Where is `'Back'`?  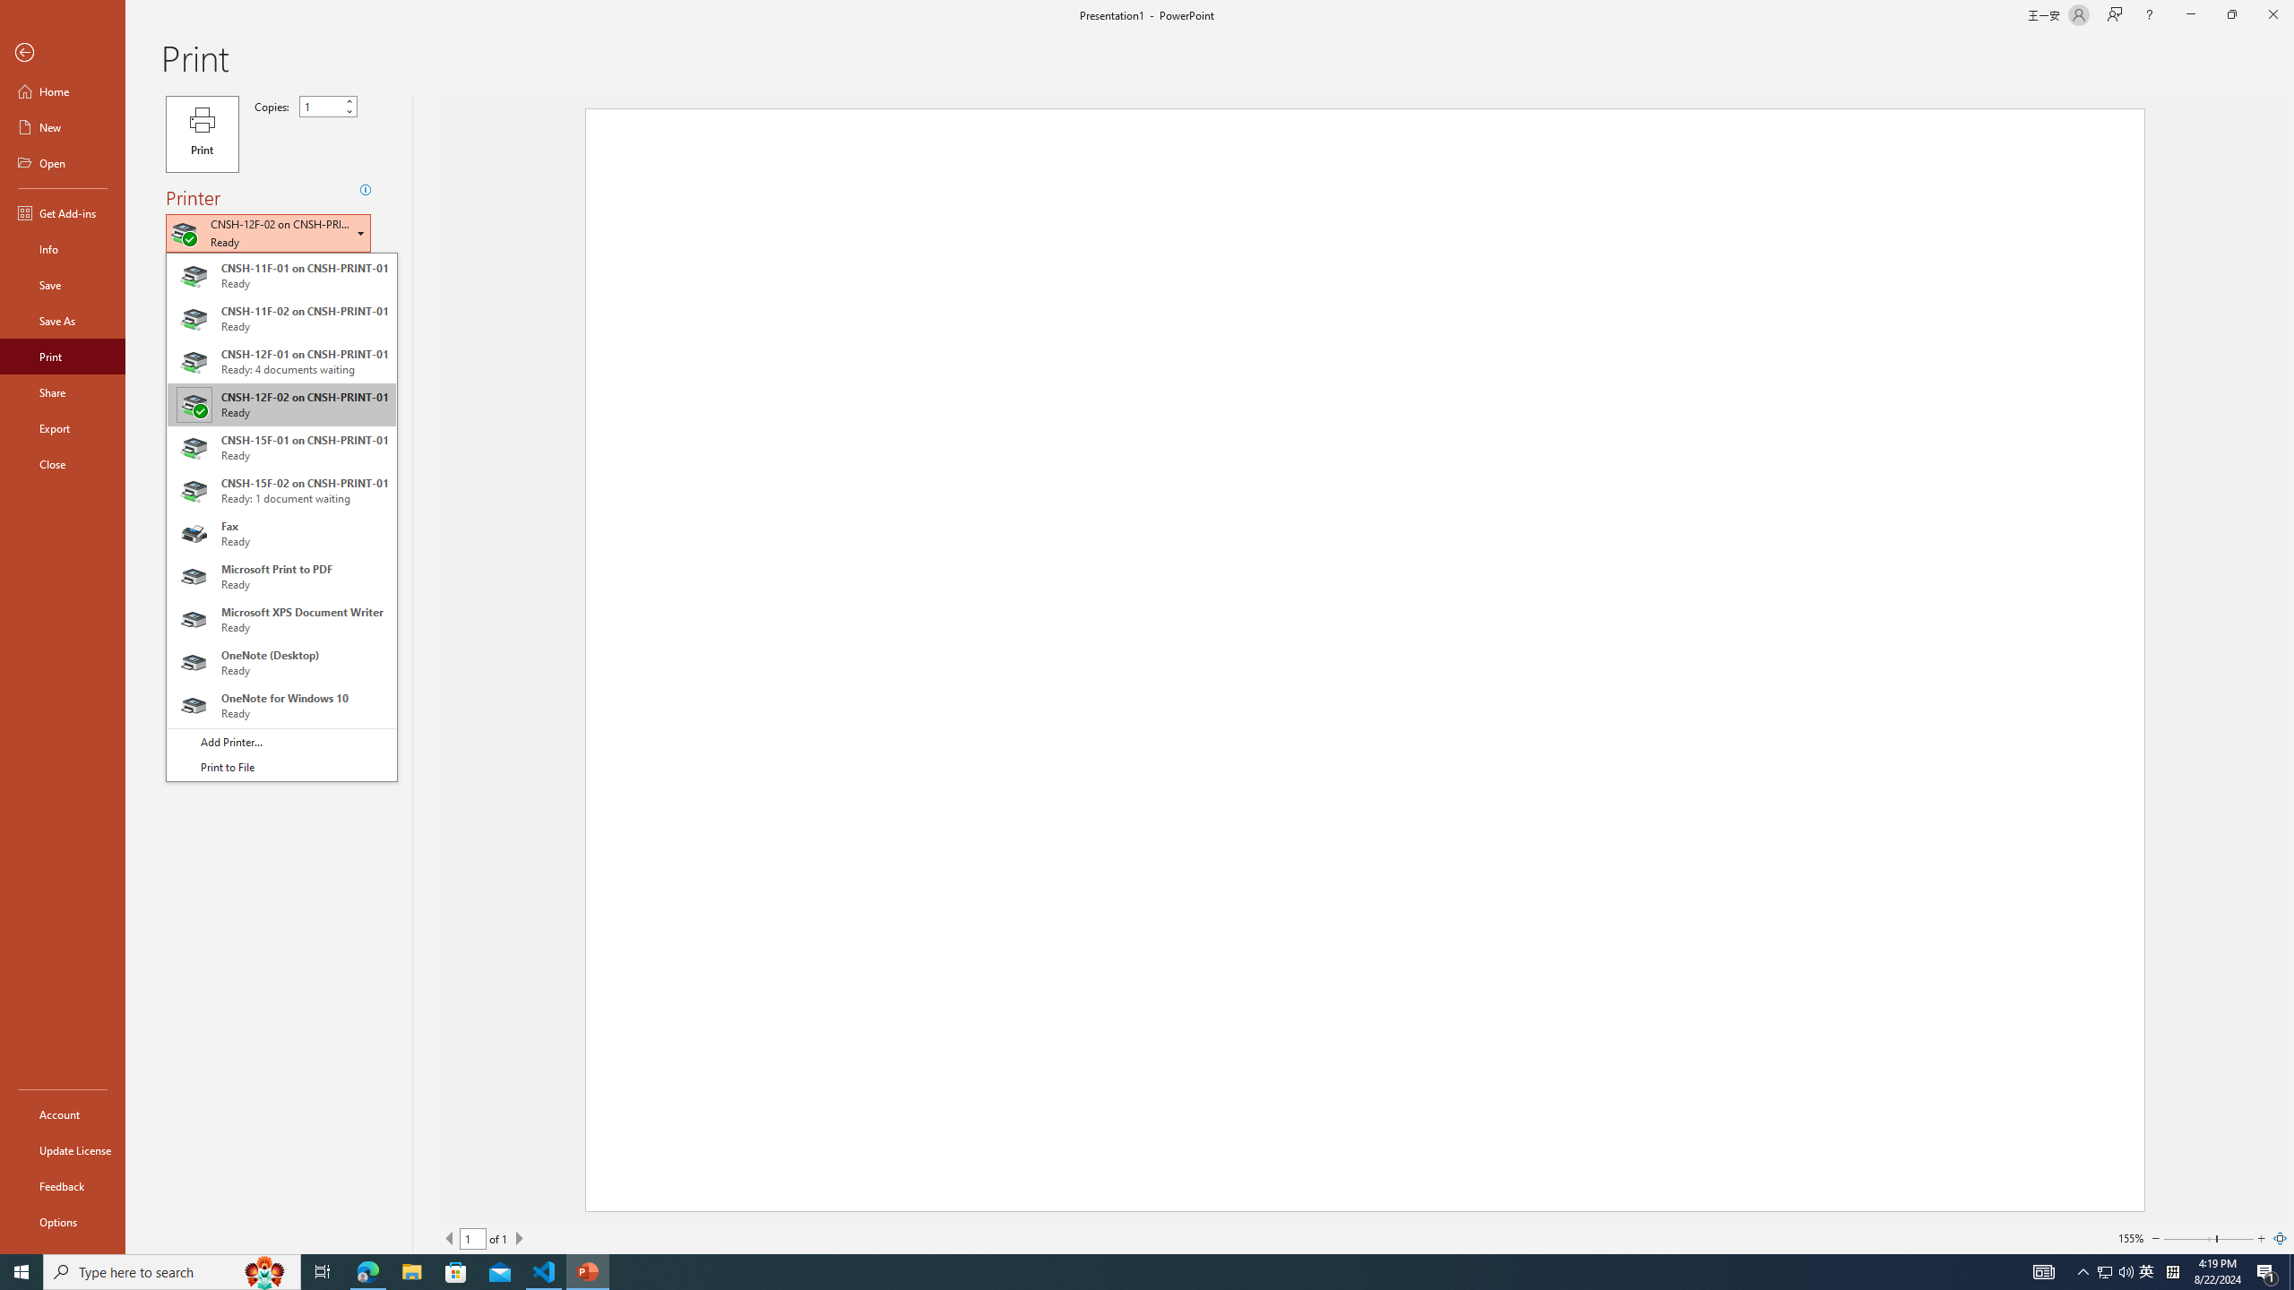
'Back' is located at coordinates (62, 52).